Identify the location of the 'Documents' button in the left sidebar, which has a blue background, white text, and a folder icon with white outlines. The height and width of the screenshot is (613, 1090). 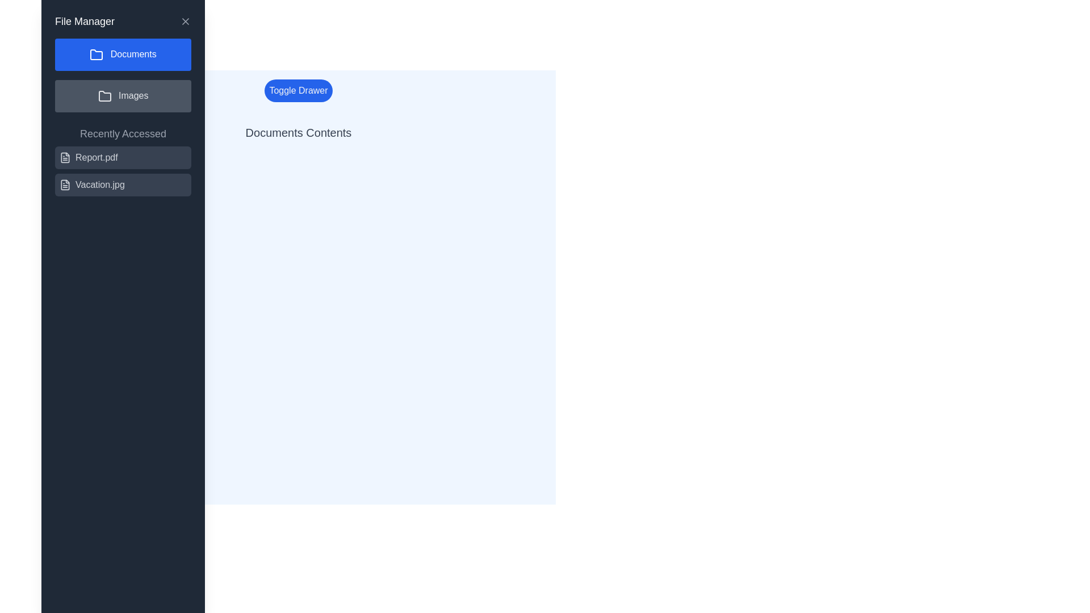
(123, 54).